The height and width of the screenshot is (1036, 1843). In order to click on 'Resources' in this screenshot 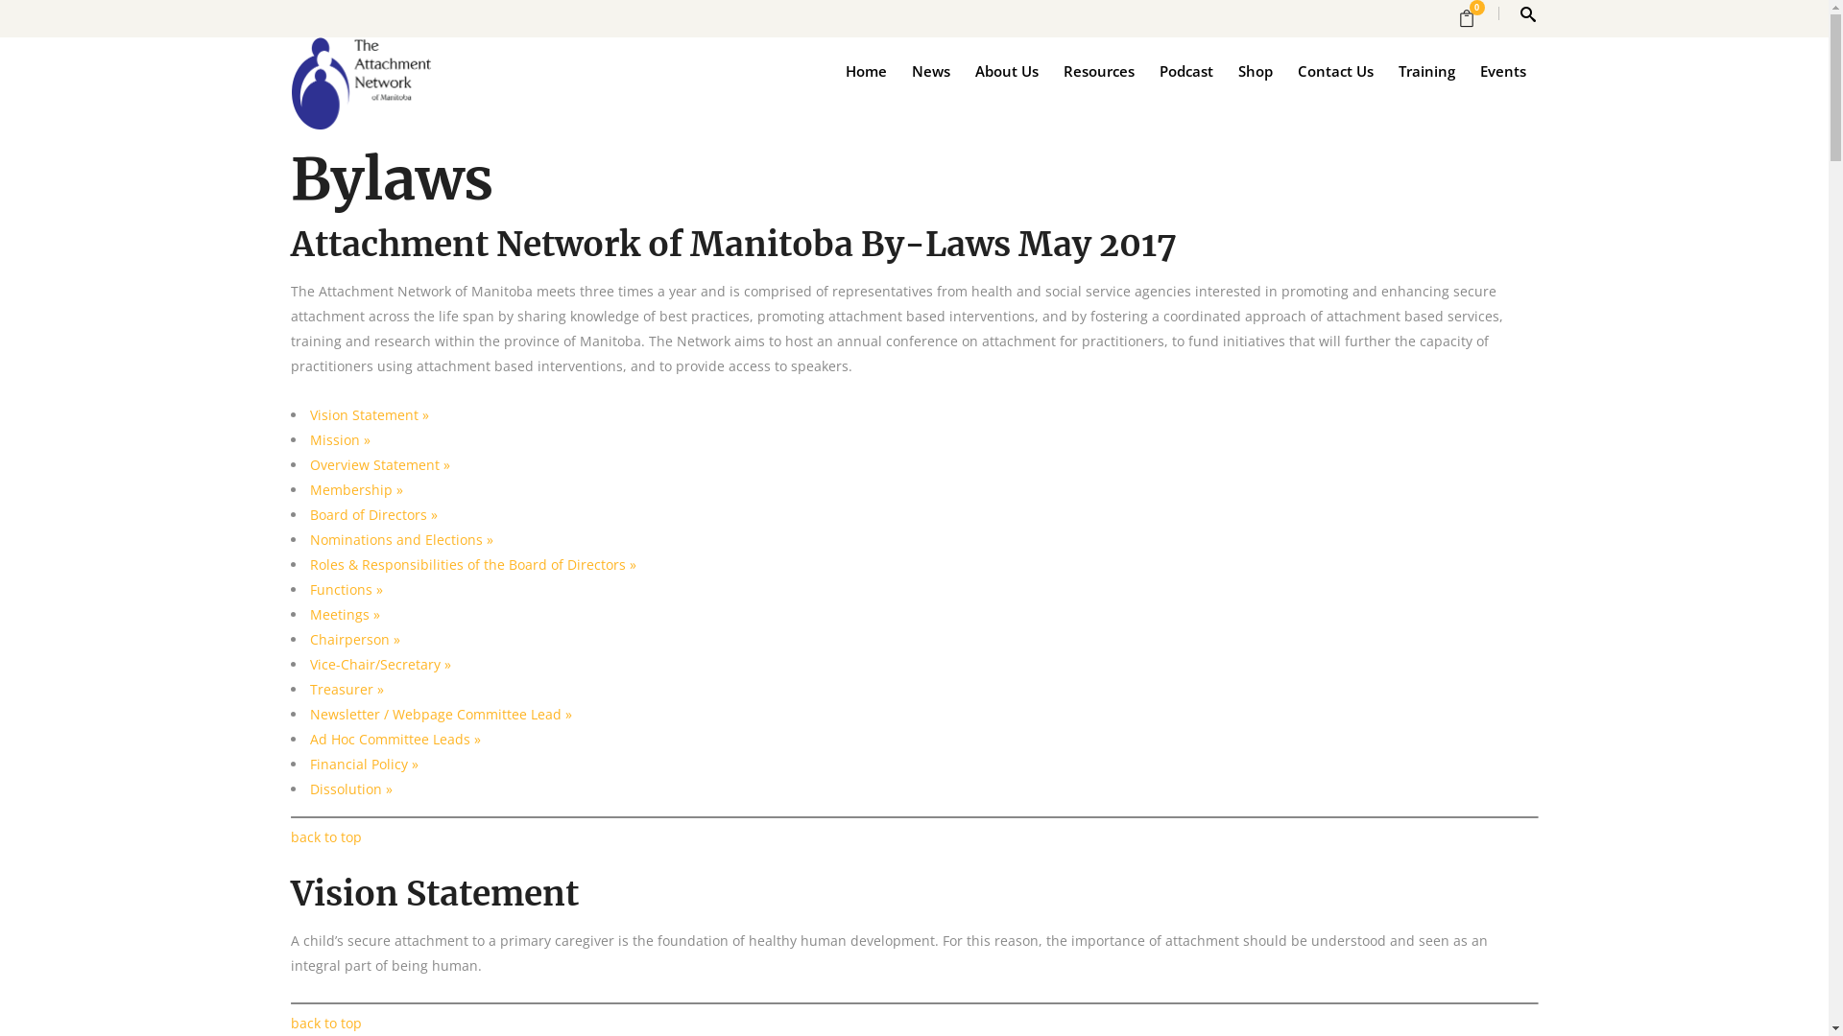, I will do `click(1097, 69)`.